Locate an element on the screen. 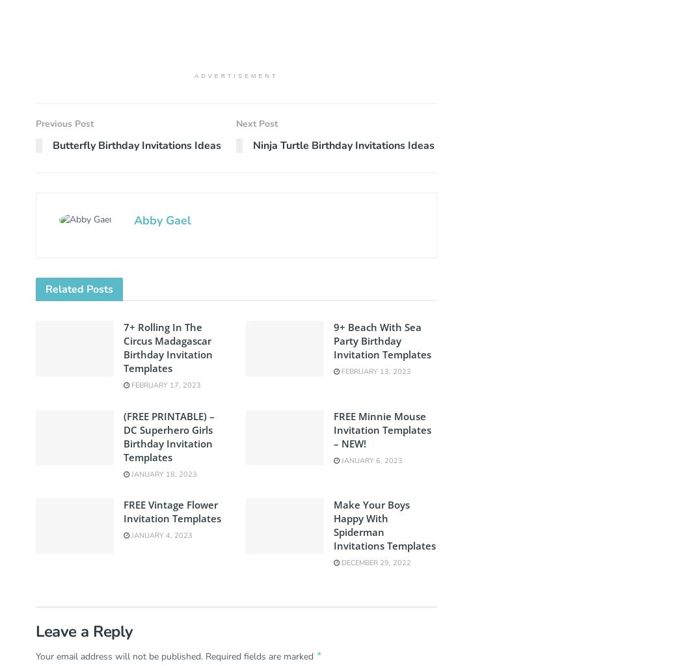  'January 18, 2023' is located at coordinates (163, 473).